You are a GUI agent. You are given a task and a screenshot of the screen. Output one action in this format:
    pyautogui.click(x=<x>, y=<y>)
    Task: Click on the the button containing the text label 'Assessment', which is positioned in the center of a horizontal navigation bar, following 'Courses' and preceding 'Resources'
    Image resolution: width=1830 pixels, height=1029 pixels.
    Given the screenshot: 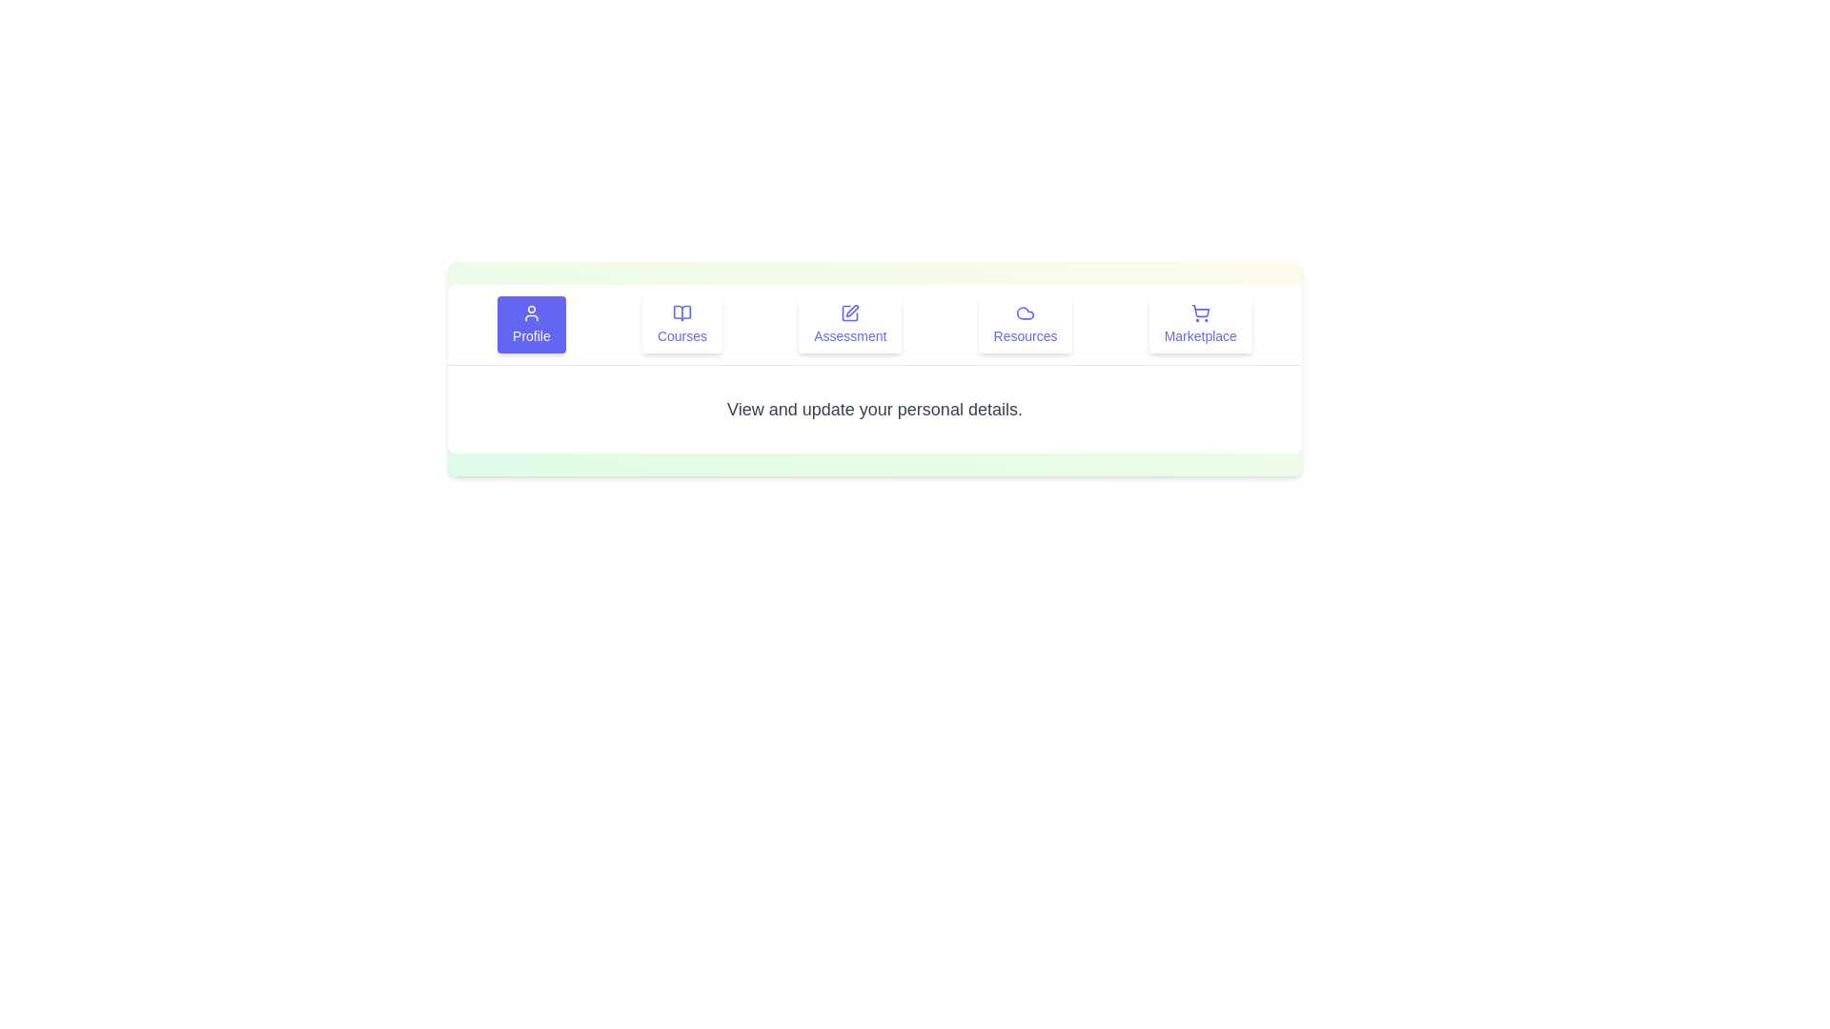 What is the action you would take?
    pyautogui.click(x=849, y=335)
    